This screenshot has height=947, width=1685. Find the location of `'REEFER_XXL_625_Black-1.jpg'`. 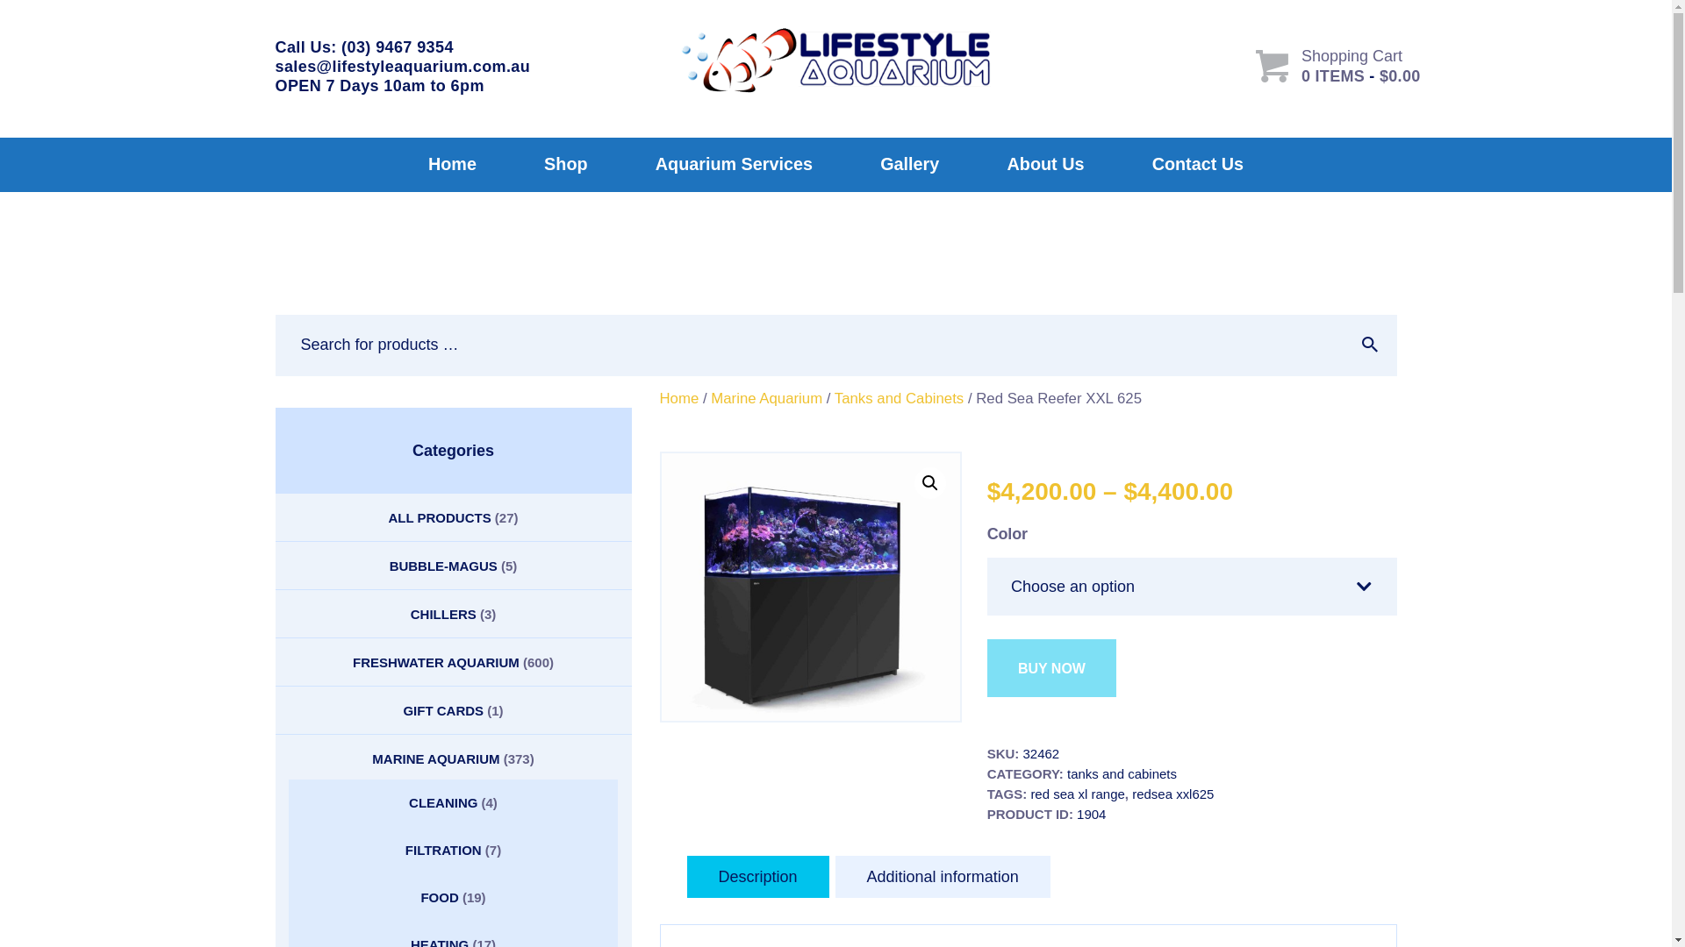

'REEFER_XXL_625_Black-1.jpg' is located at coordinates (810, 587).